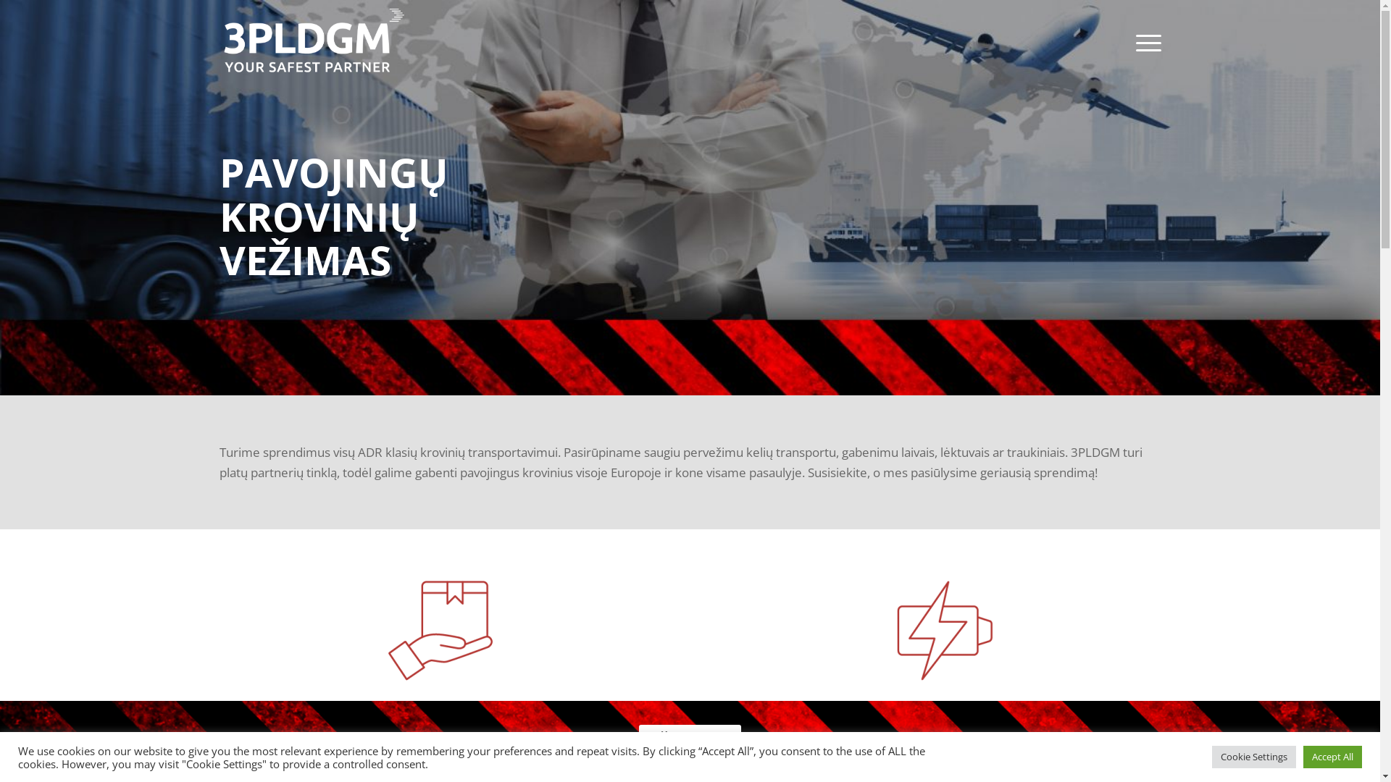  Describe the element at coordinates (939, 630) in the screenshot. I see `'Icons-06'` at that location.